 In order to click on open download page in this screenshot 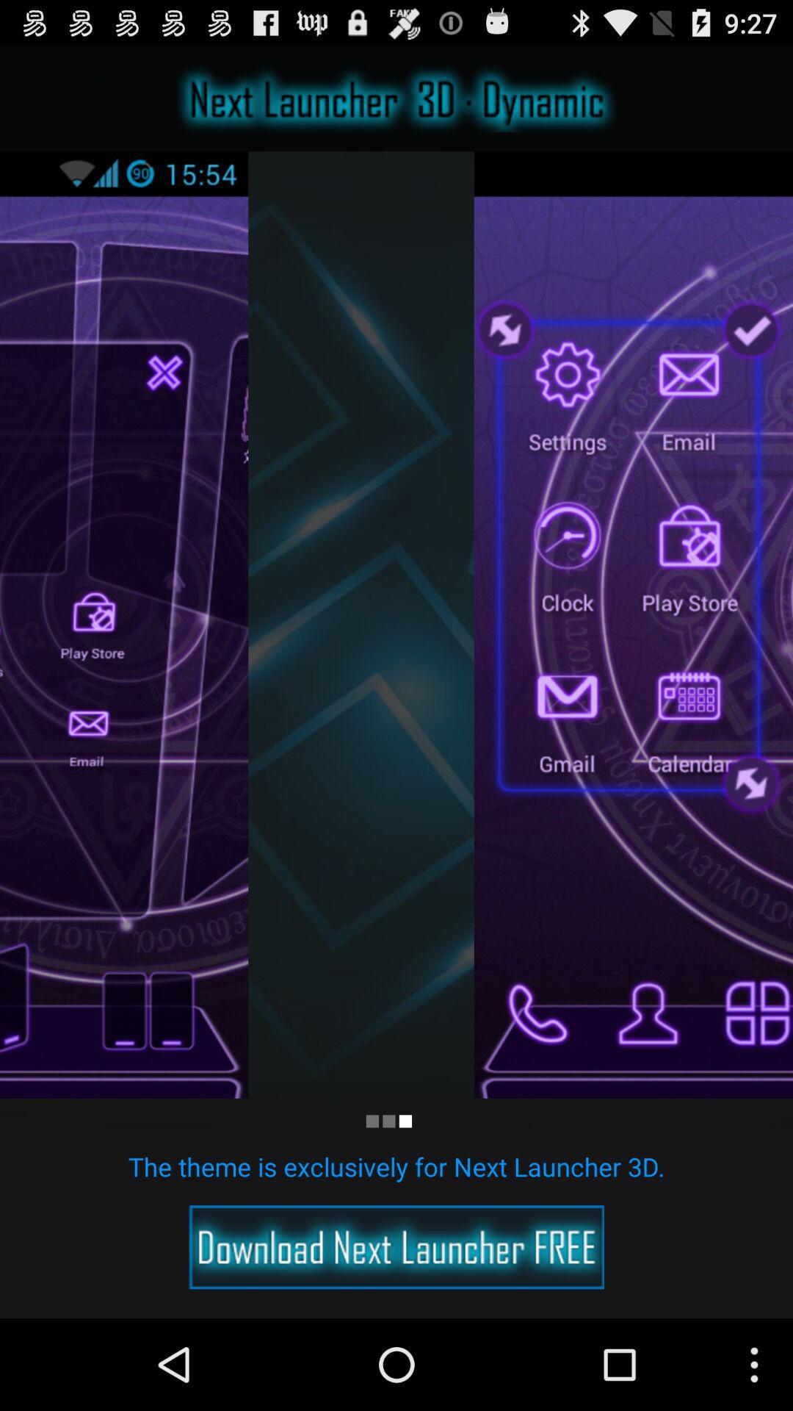, I will do `click(396, 1246)`.